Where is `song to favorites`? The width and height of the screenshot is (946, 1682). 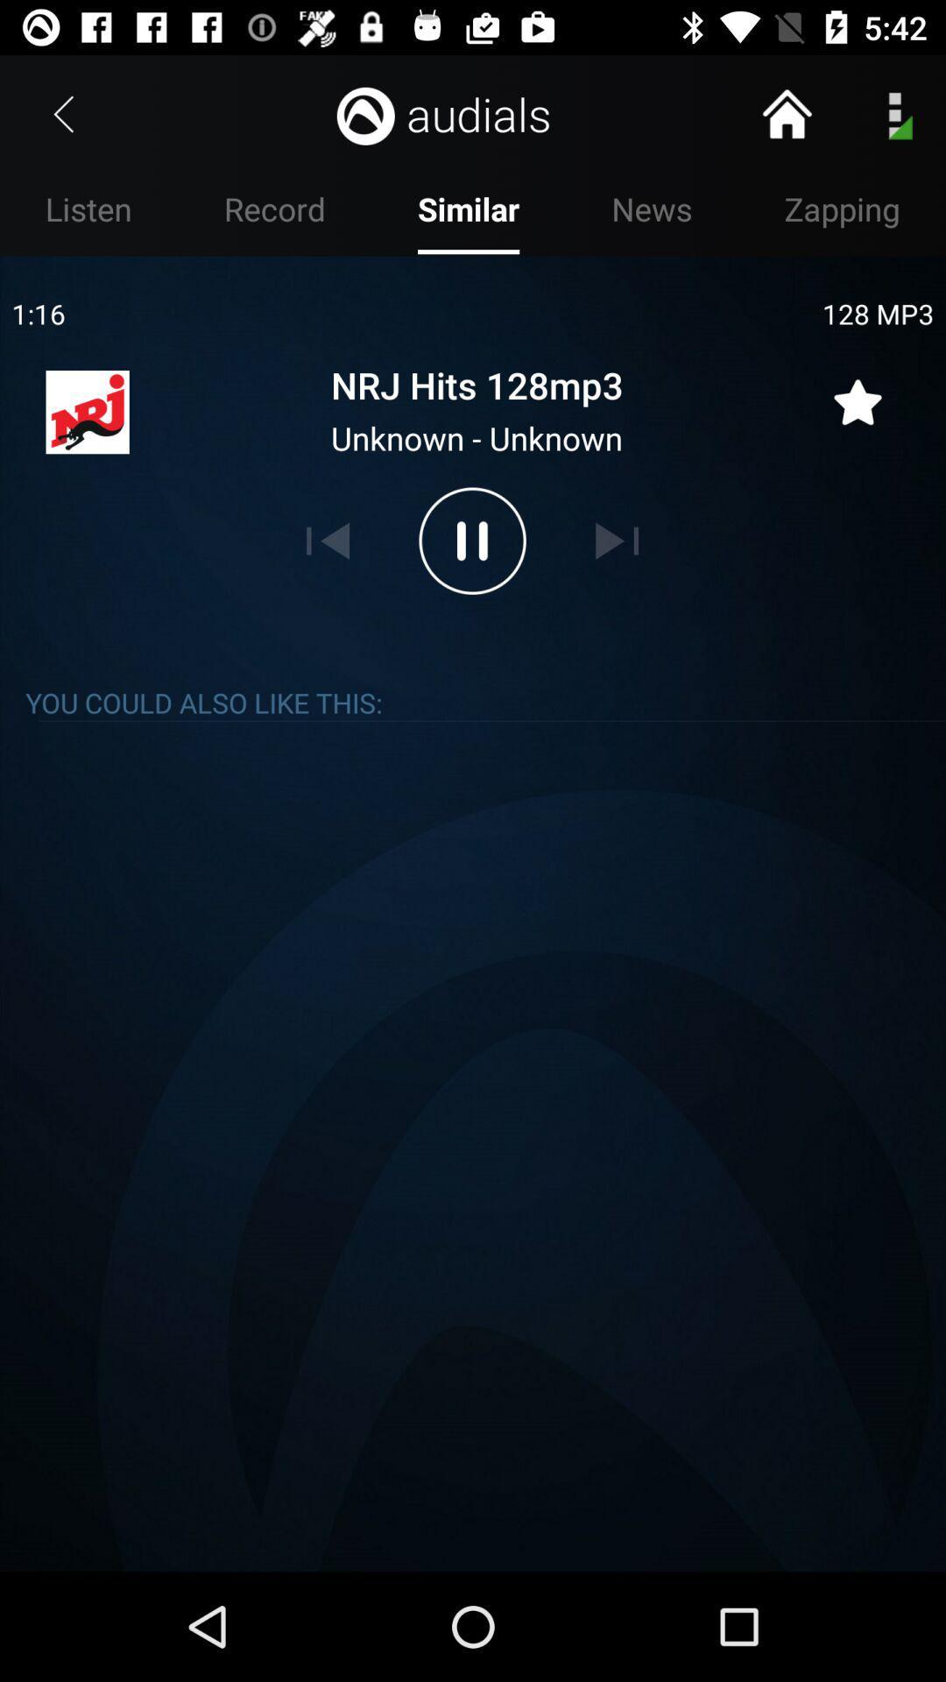
song to favorites is located at coordinates (857, 391).